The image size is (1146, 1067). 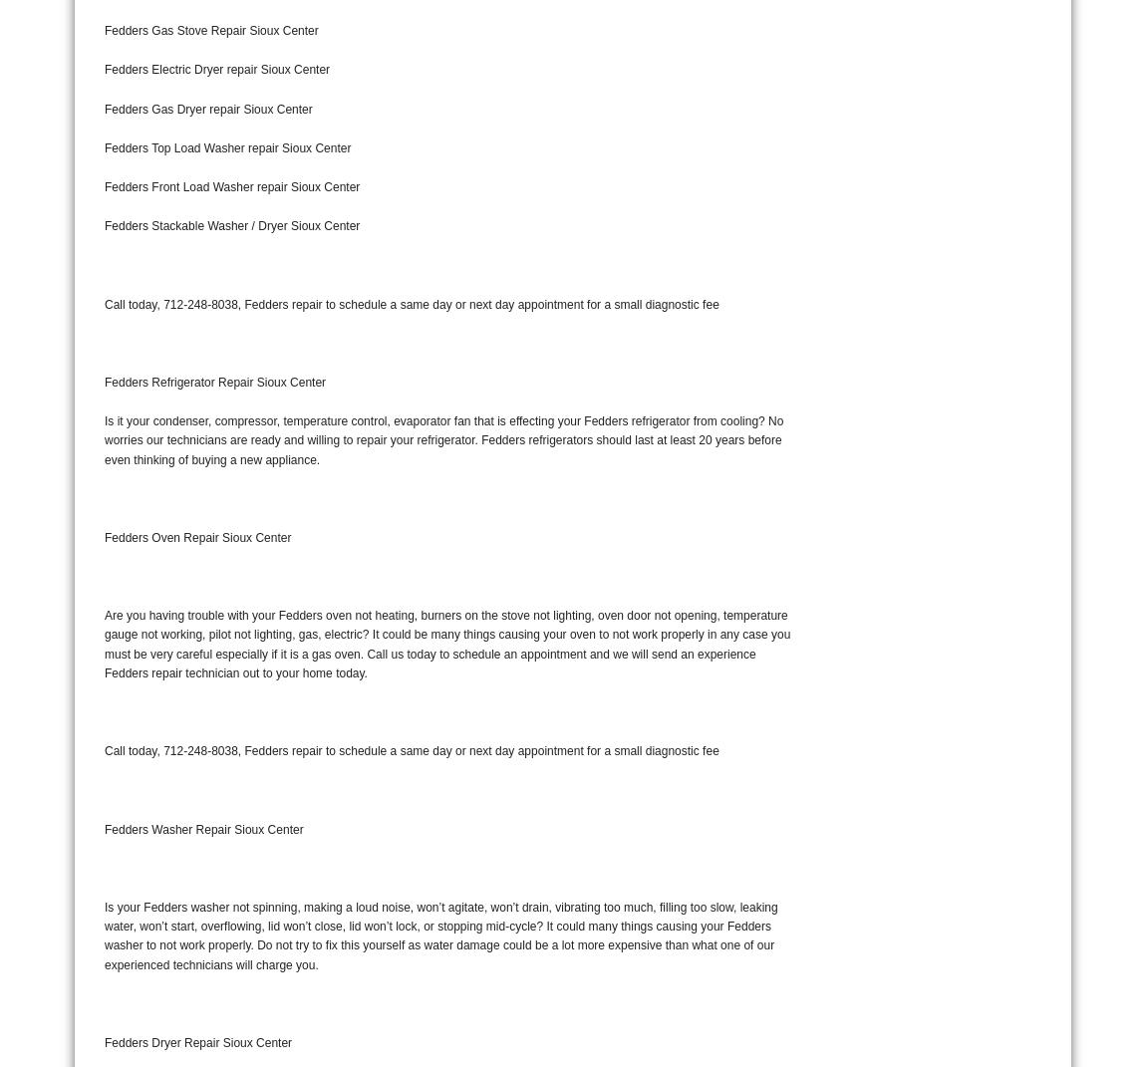 What do you see at coordinates (230, 225) in the screenshot?
I see `'Fedders Stackable Washer / Dryer Sioux Center'` at bounding box center [230, 225].